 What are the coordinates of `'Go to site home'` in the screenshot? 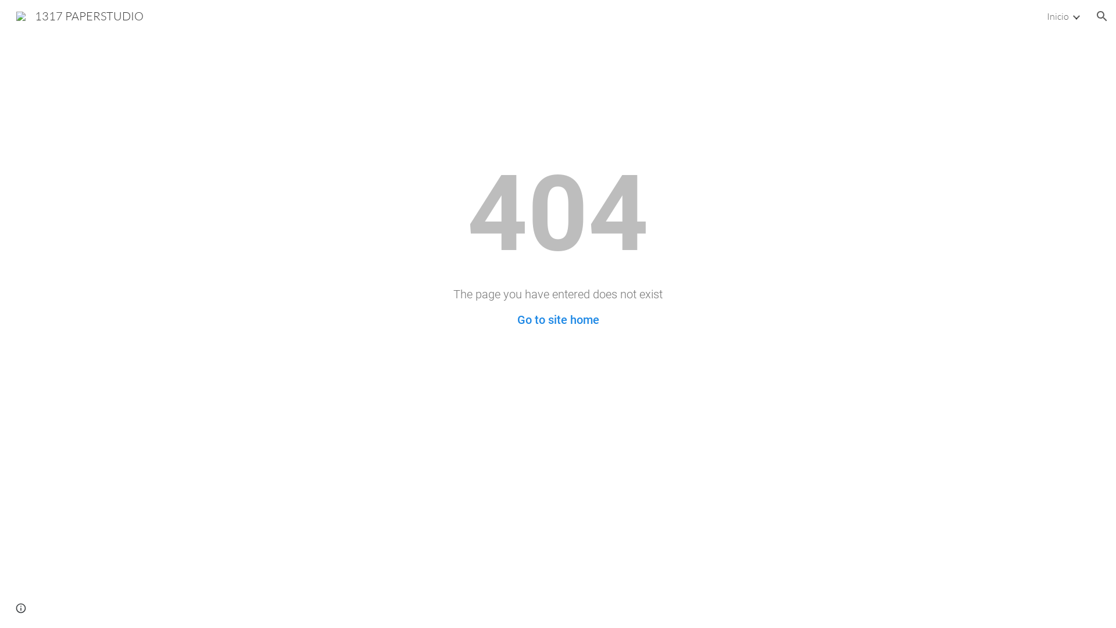 It's located at (558, 320).